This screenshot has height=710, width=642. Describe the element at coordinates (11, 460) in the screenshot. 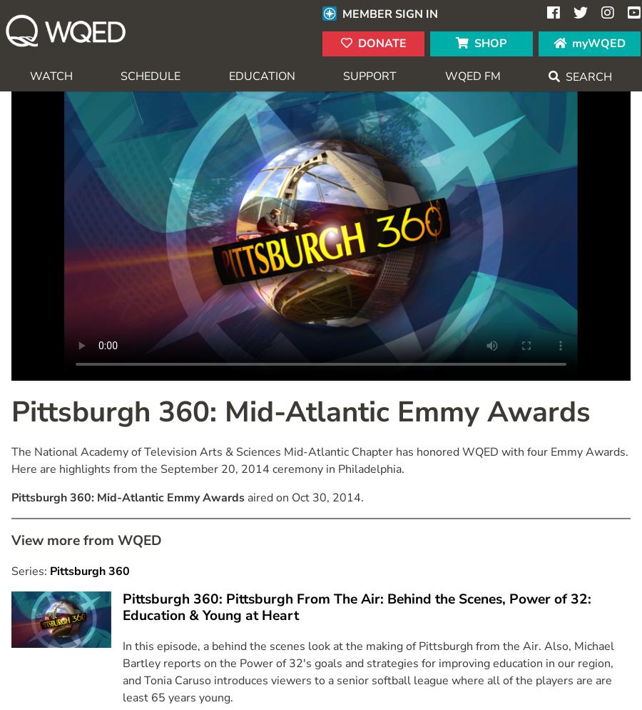

I see `'The National Academy of Television Arts & Sciences Mid-Atlantic Chapter has honored WQED with four Emmy Awards. Here are highlights from the September 20, 2014 ceremony in Philadelphia.'` at that location.